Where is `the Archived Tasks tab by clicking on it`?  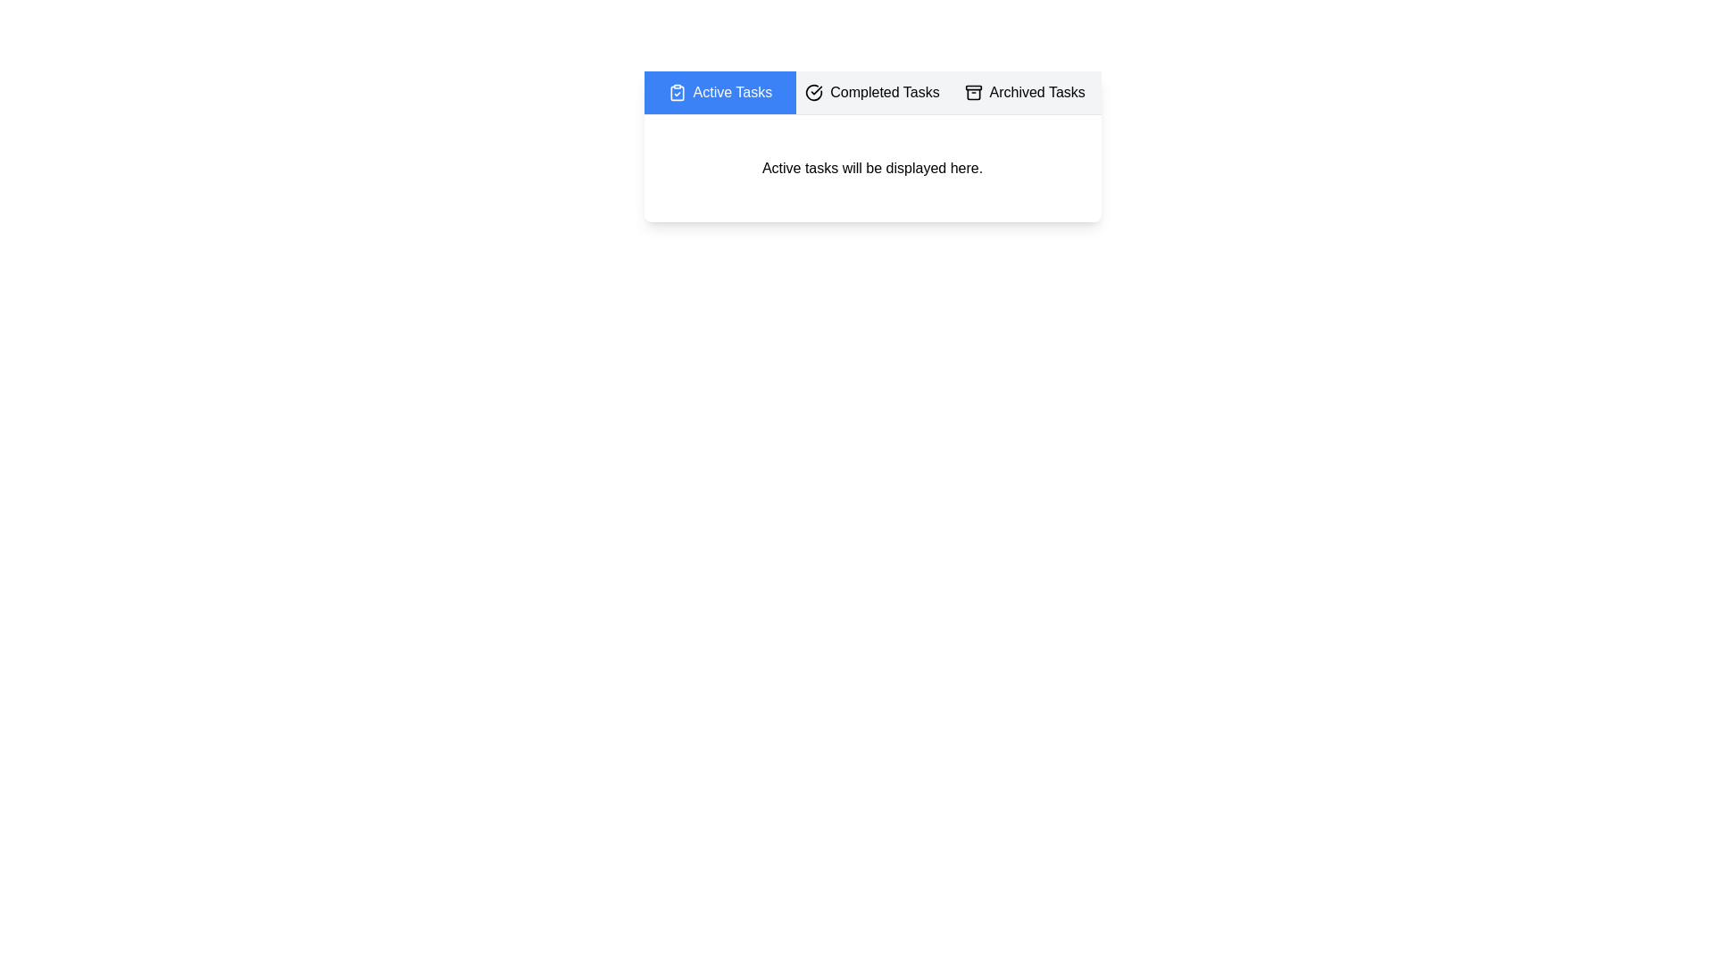 the Archived Tasks tab by clicking on it is located at coordinates (1025, 93).